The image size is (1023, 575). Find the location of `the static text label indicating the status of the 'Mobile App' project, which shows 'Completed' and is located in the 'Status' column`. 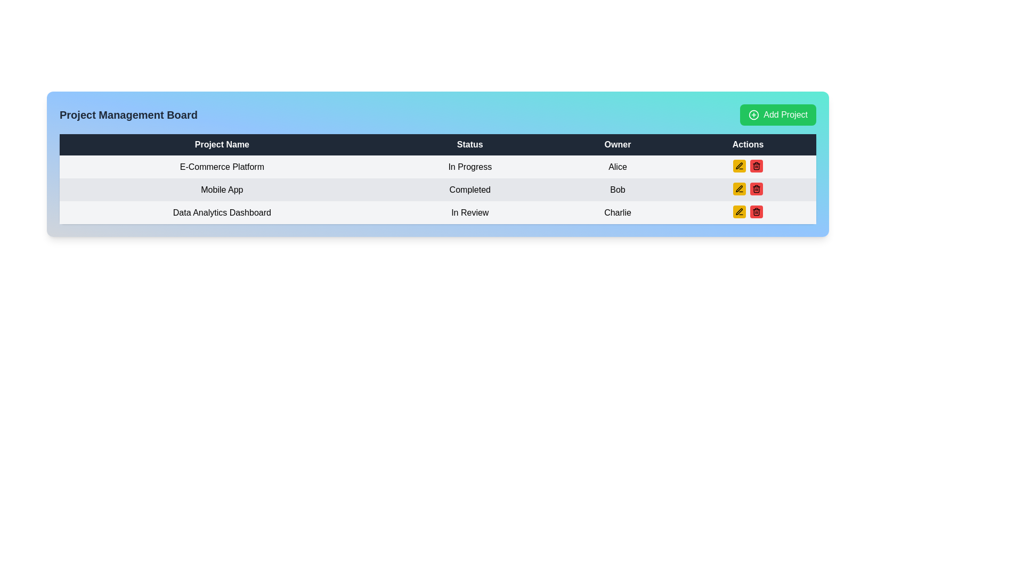

the static text label indicating the status of the 'Mobile App' project, which shows 'Completed' and is located in the 'Status' column is located at coordinates (469, 189).